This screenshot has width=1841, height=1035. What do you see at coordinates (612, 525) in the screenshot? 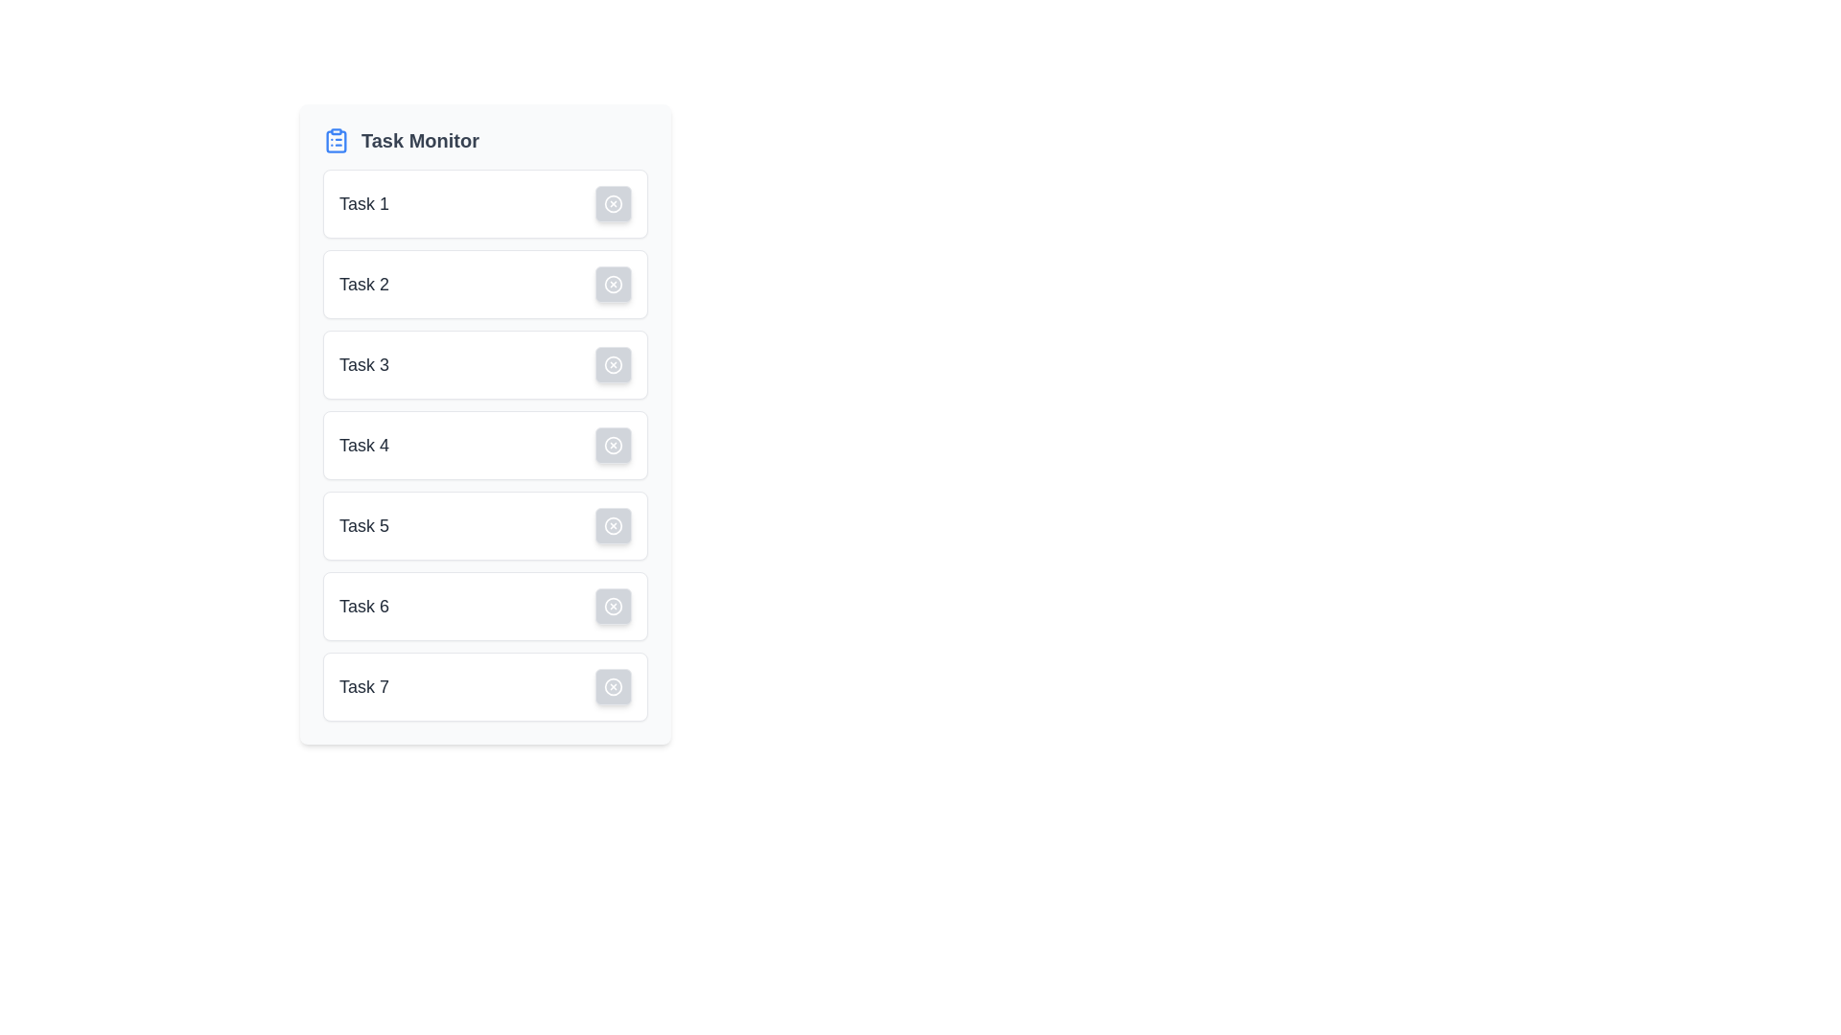
I see `the small gray button with a white circular border and an 'X' mark at its center` at bounding box center [612, 525].